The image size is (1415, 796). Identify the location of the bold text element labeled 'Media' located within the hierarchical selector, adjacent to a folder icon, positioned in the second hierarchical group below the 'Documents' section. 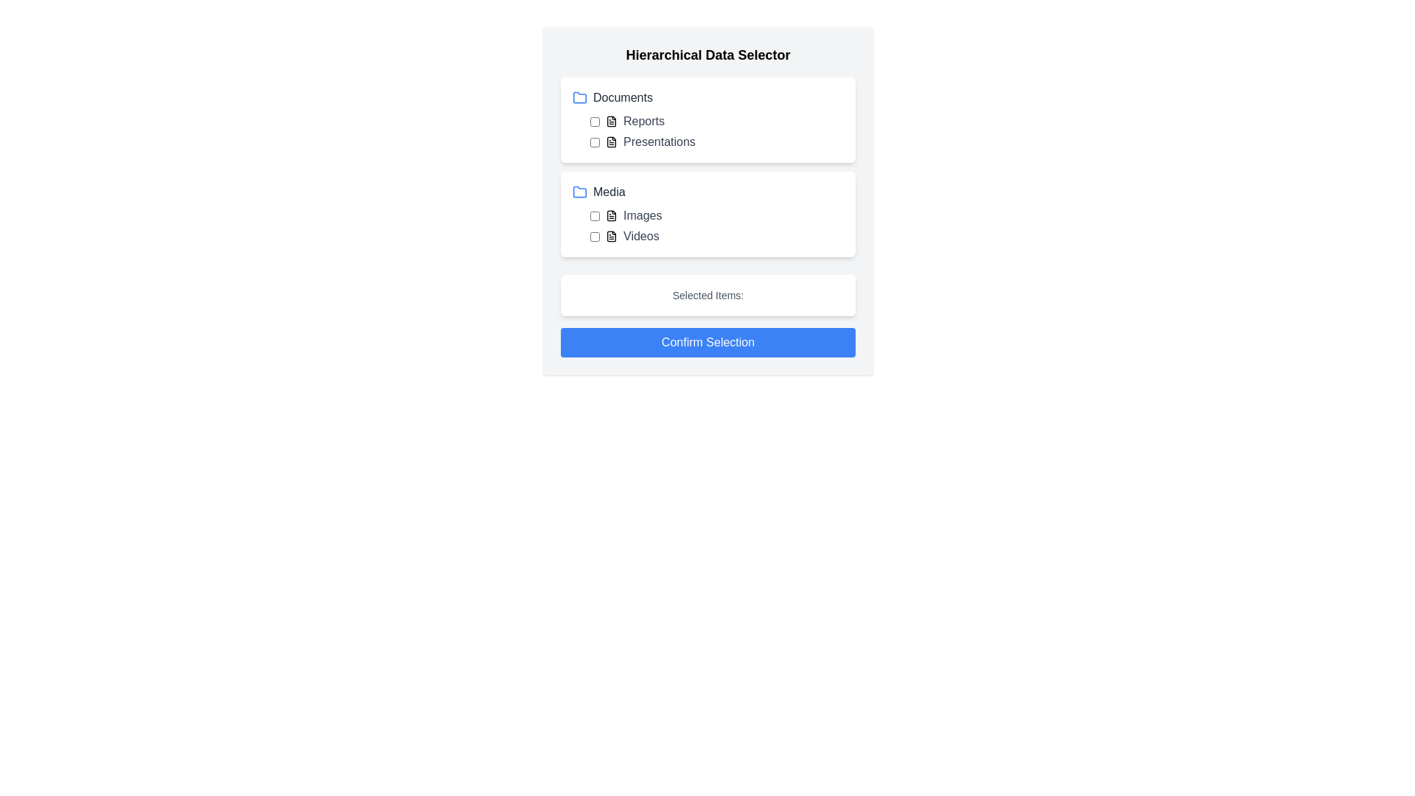
(609, 192).